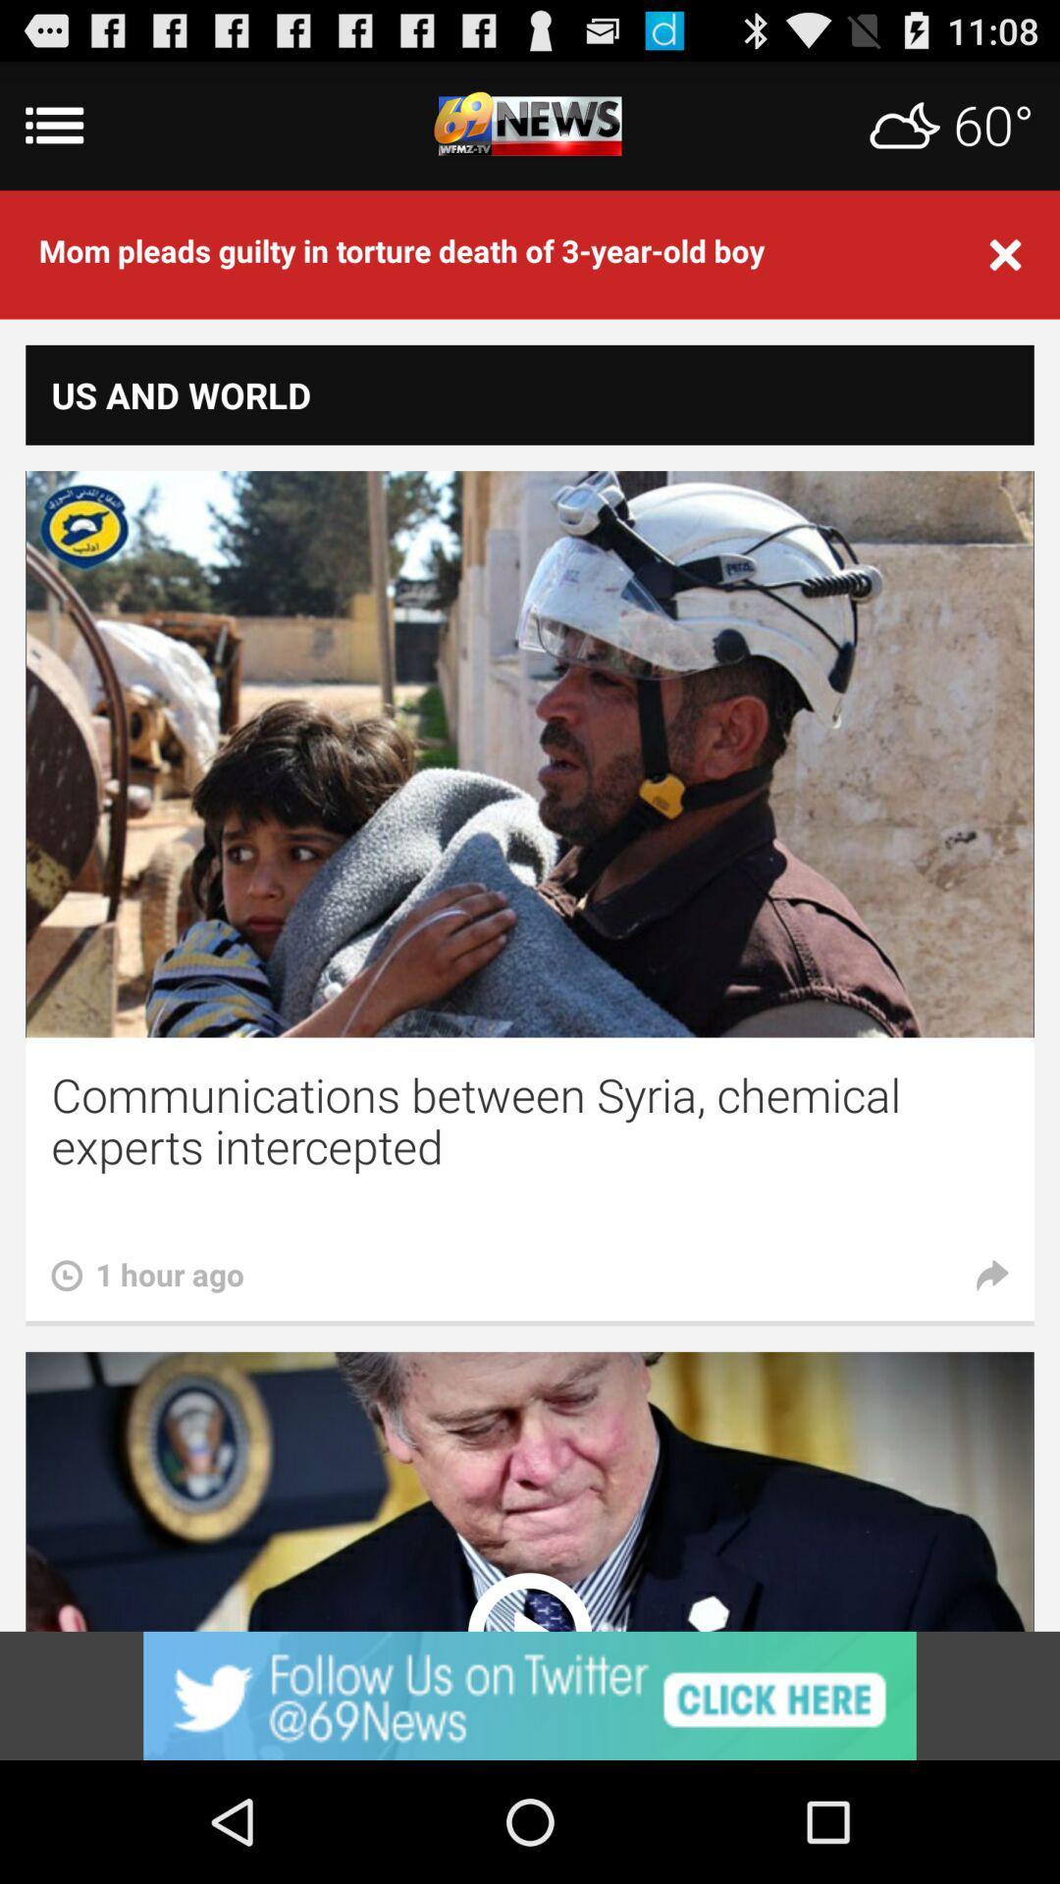  What do you see at coordinates (530, 1695) in the screenshot?
I see `advertisement` at bounding box center [530, 1695].